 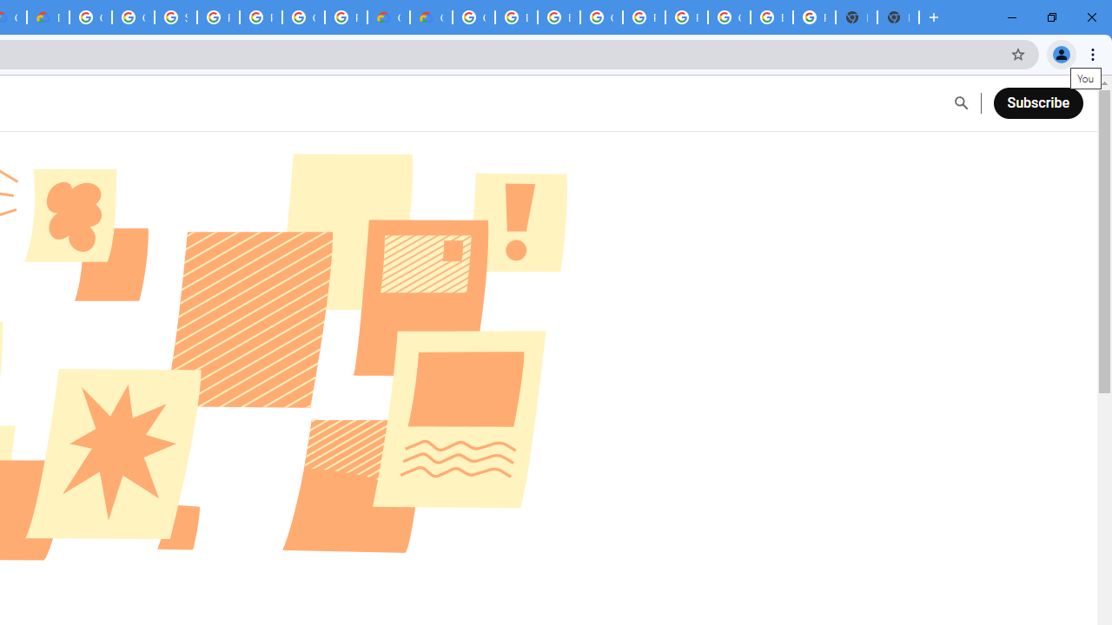 What do you see at coordinates (898, 17) in the screenshot?
I see `'New Tab'` at bounding box center [898, 17].